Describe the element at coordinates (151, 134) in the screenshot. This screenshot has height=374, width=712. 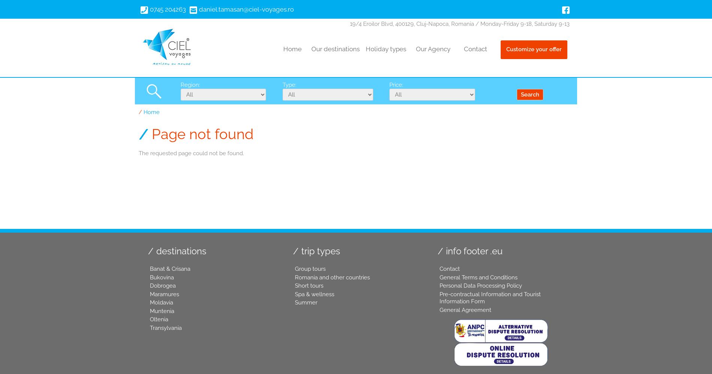
I see `'Page not found'` at that location.